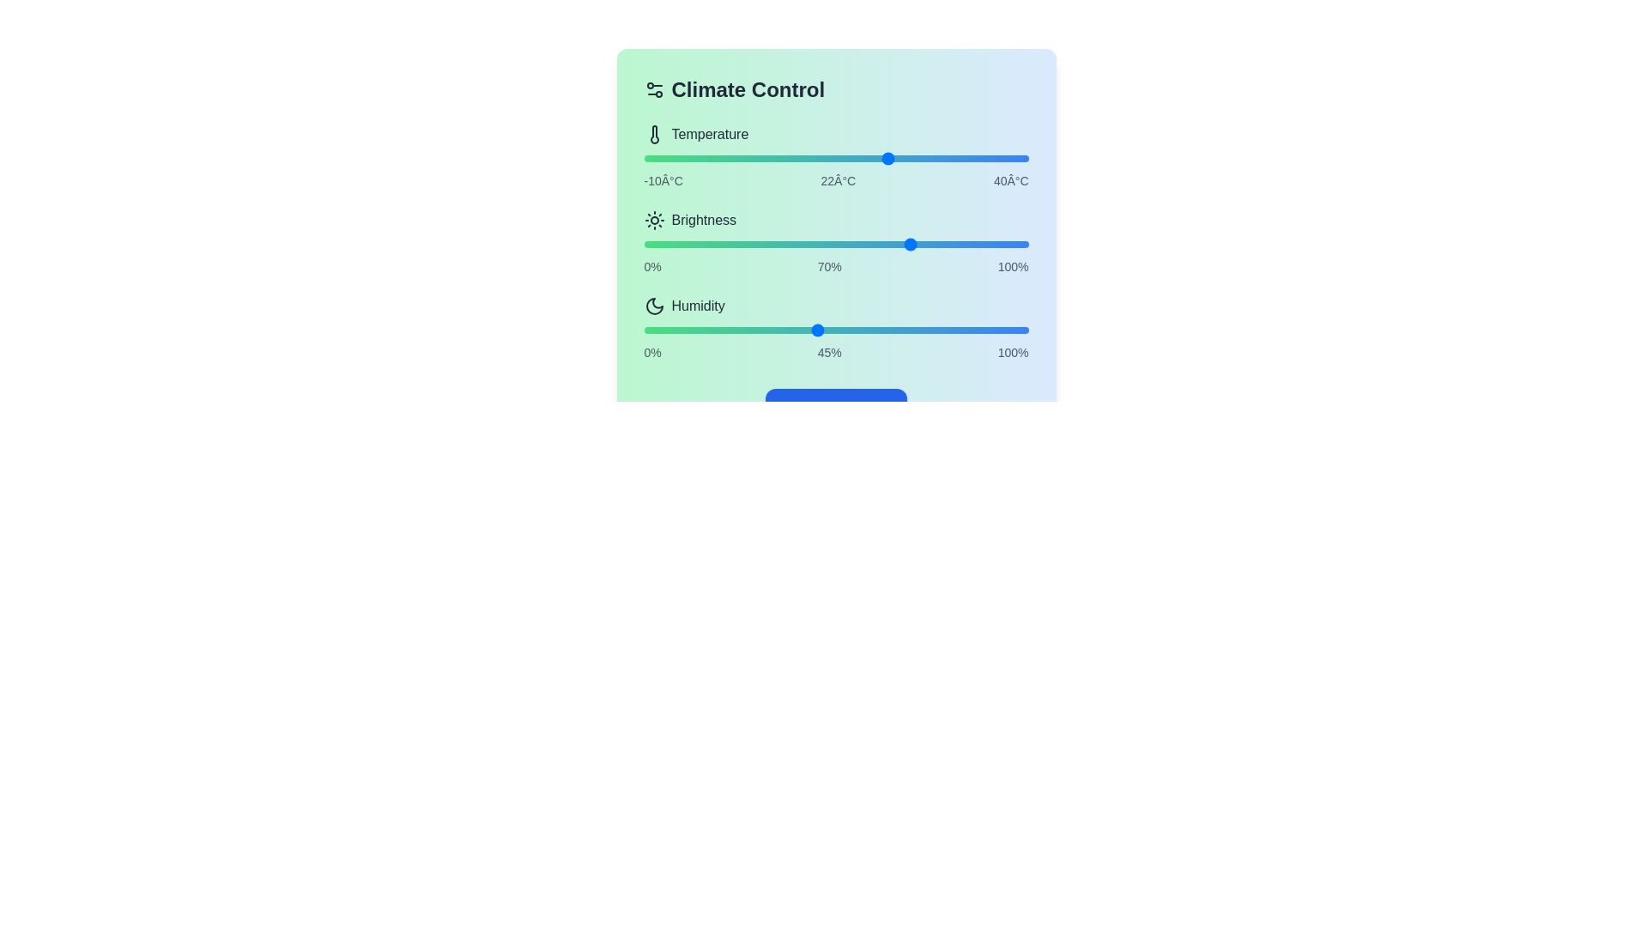 The image size is (1648, 927). Describe the element at coordinates (836, 89) in the screenshot. I see `the 'Climate Control' header element, which features a bold text and a gear icon, to gain context about the climate settings` at that location.